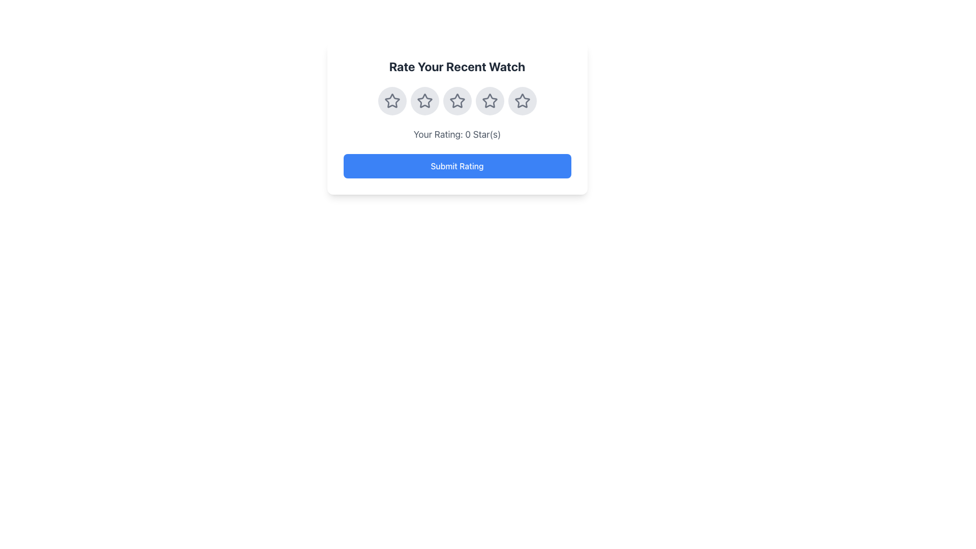  Describe the element at coordinates (456, 101) in the screenshot. I see `the third button in a horizontal row of five stars that allows the user to select a rating of three out of five stars for their recent watch` at that location.